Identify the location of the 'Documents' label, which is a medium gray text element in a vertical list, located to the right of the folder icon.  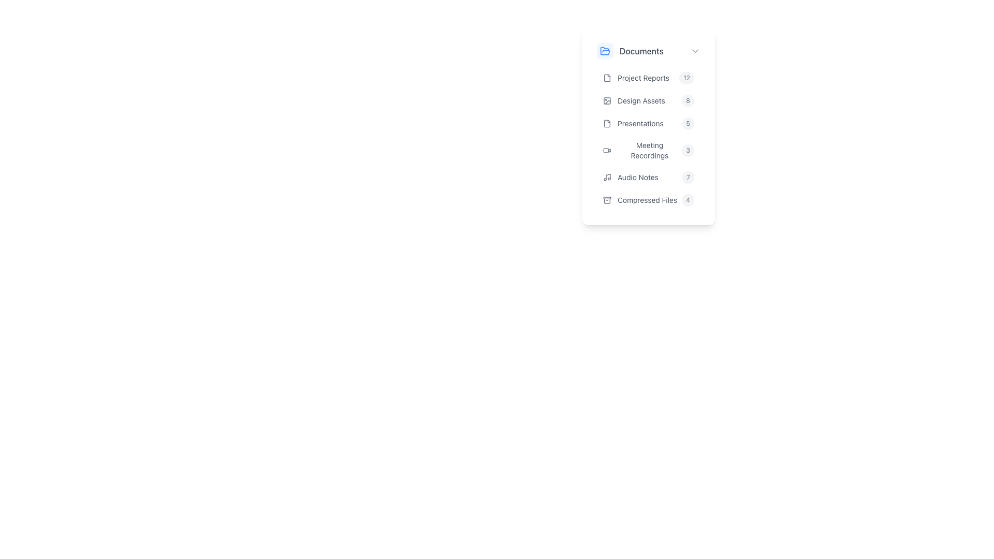
(641, 51).